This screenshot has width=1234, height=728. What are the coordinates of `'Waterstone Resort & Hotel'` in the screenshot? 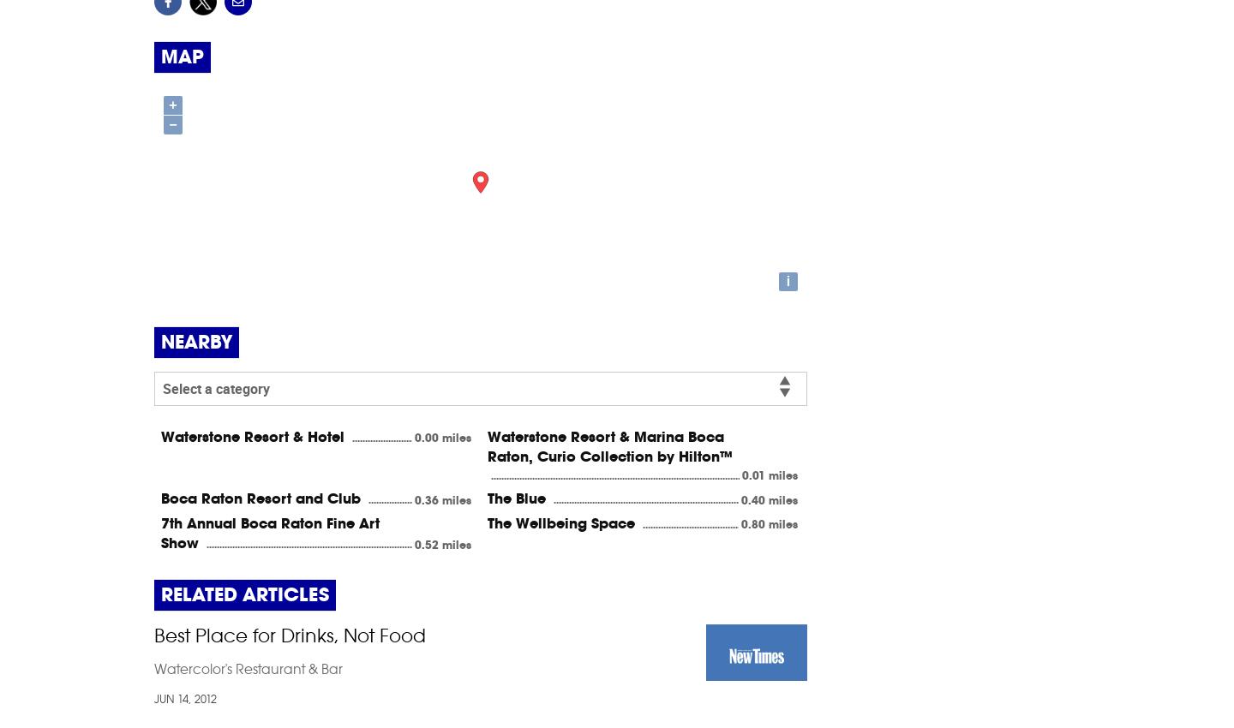 It's located at (254, 435).